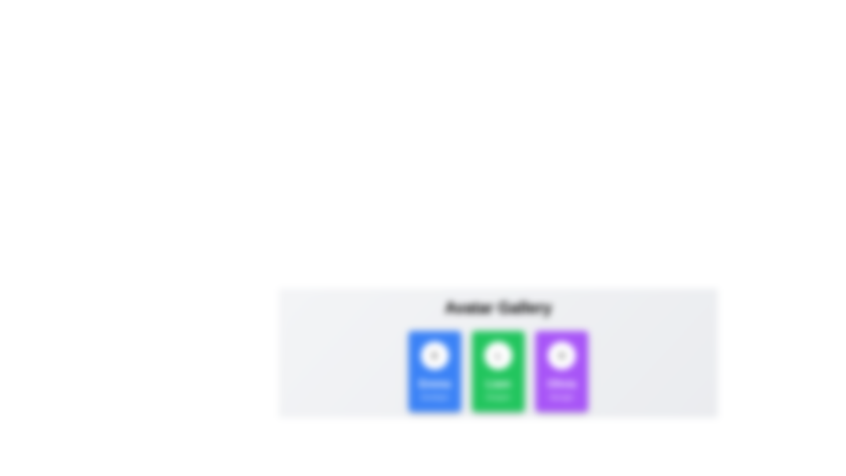 Image resolution: width=846 pixels, height=476 pixels. I want to click on the avatar display representing 'Emma', located at the top center of the card with the designation 'Developer', so click(434, 355).